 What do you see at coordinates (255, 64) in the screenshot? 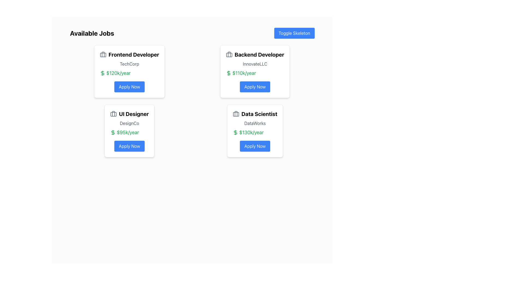
I see `the text label displaying 'InnovateLLC' which is styled with 'text-gray-600' and 'mb-2', located between the job title 'Backend Developer' and the salary information '$110k/year'` at bounding box center [255, 64].